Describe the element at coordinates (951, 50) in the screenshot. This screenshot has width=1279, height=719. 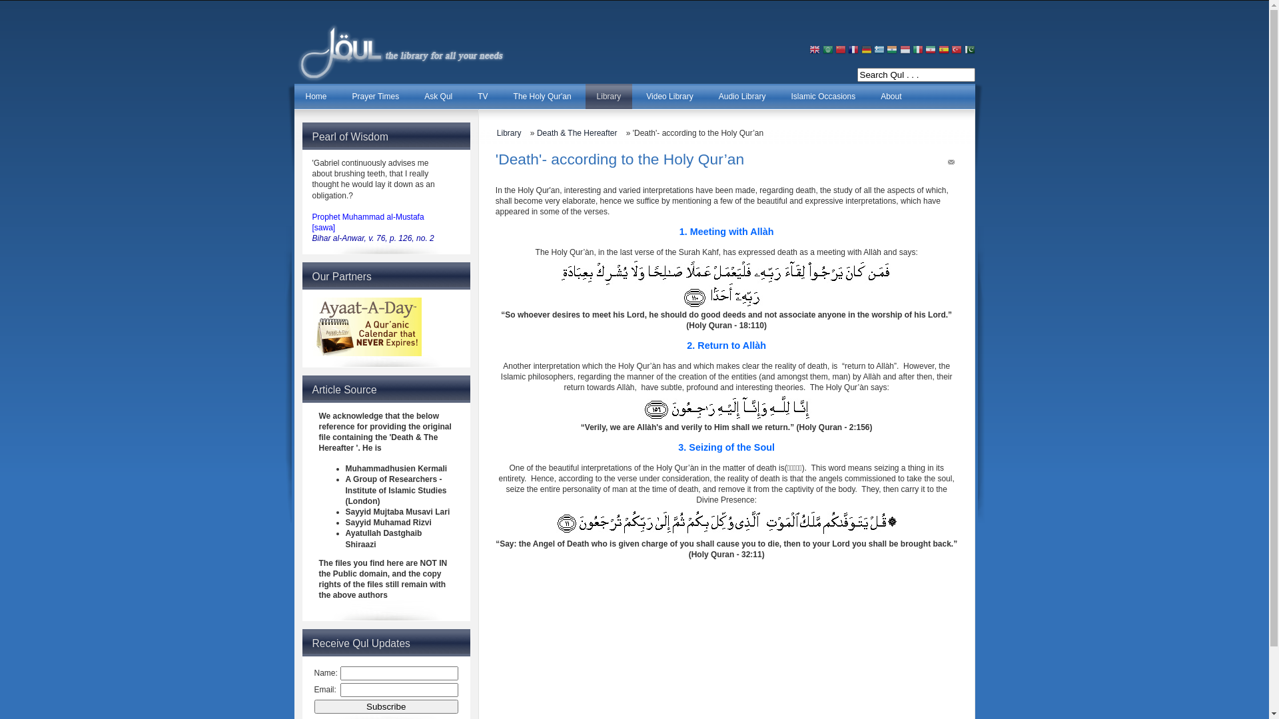
I see `'Turkish'` at that location.